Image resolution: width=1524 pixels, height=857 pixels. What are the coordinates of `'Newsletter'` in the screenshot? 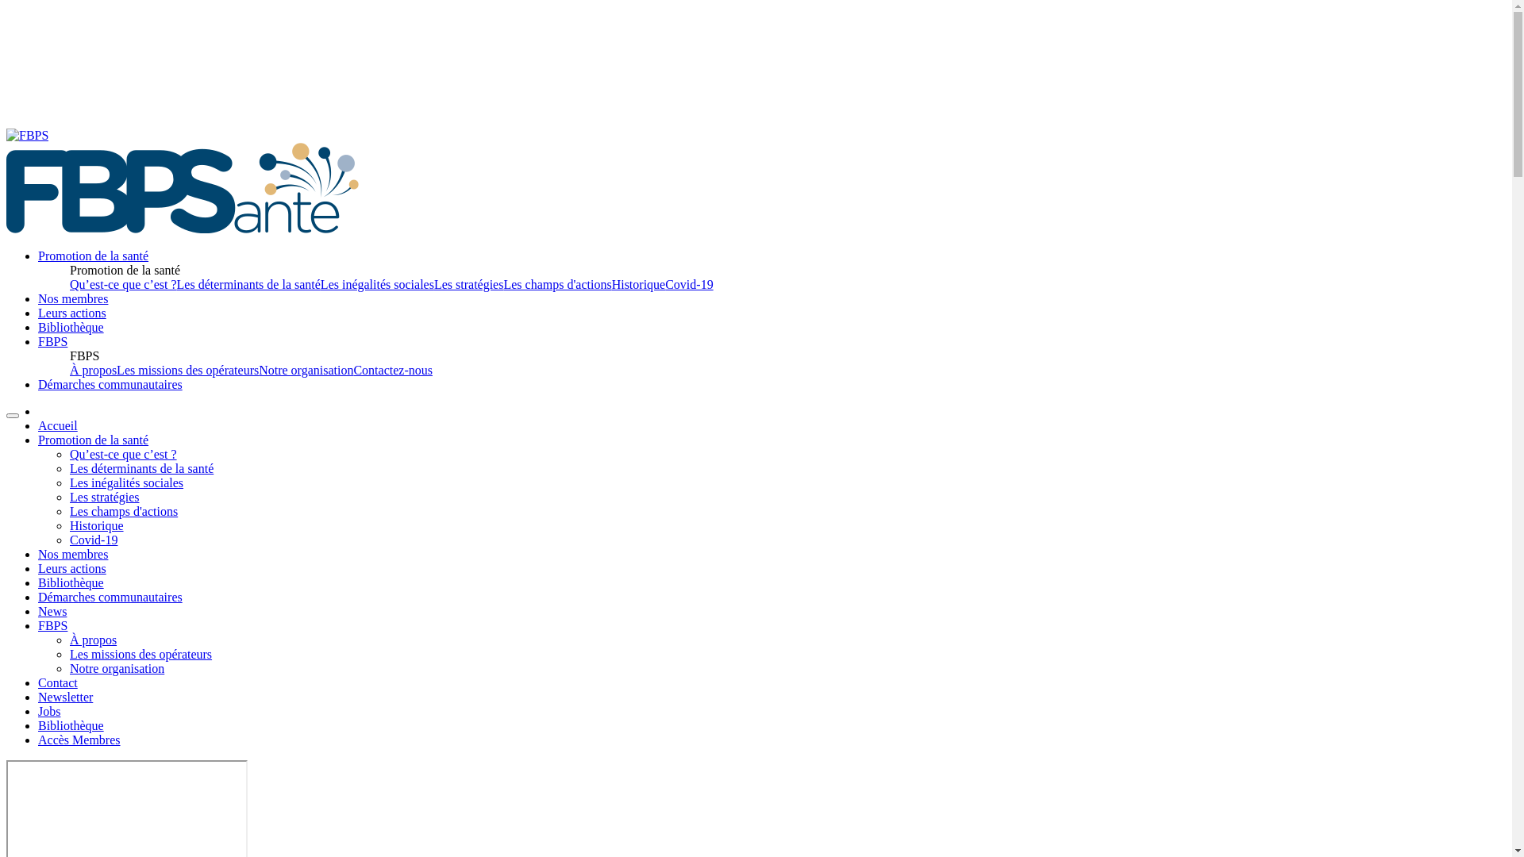 It's located at (64, 696).